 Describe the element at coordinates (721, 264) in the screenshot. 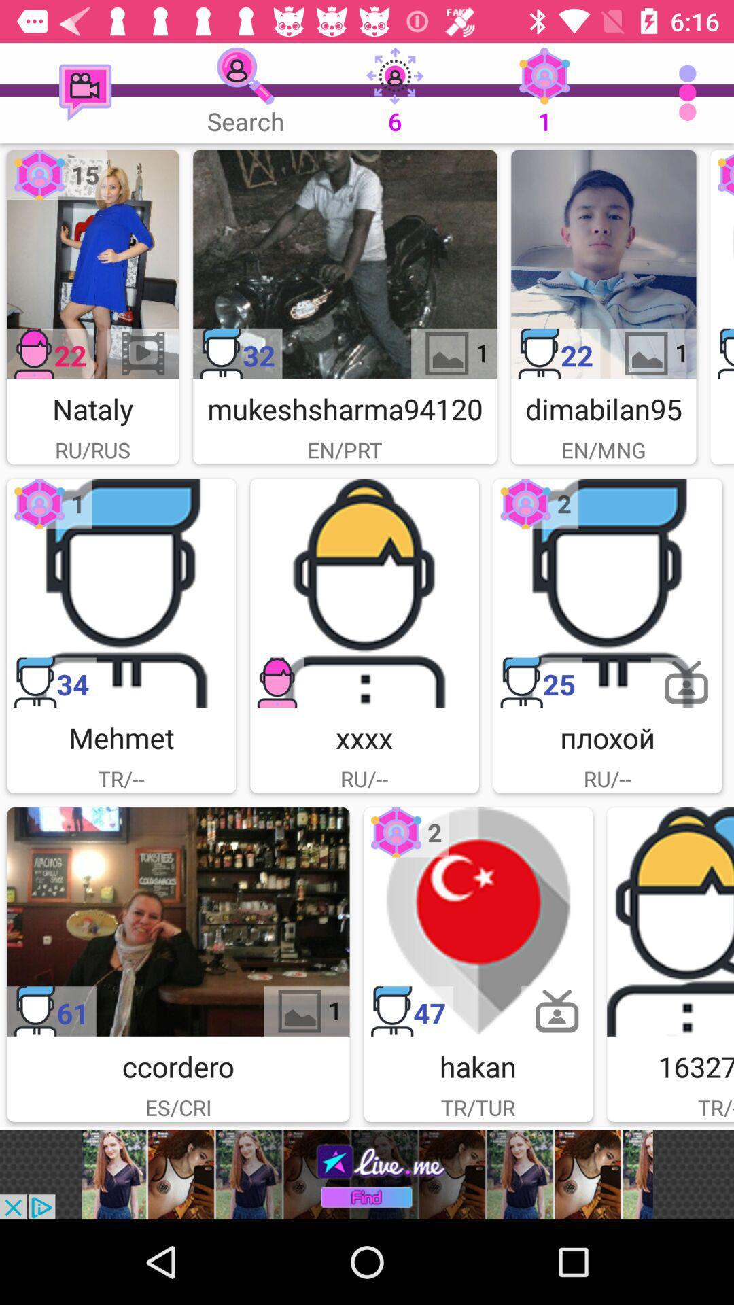

I see `item` at that location.